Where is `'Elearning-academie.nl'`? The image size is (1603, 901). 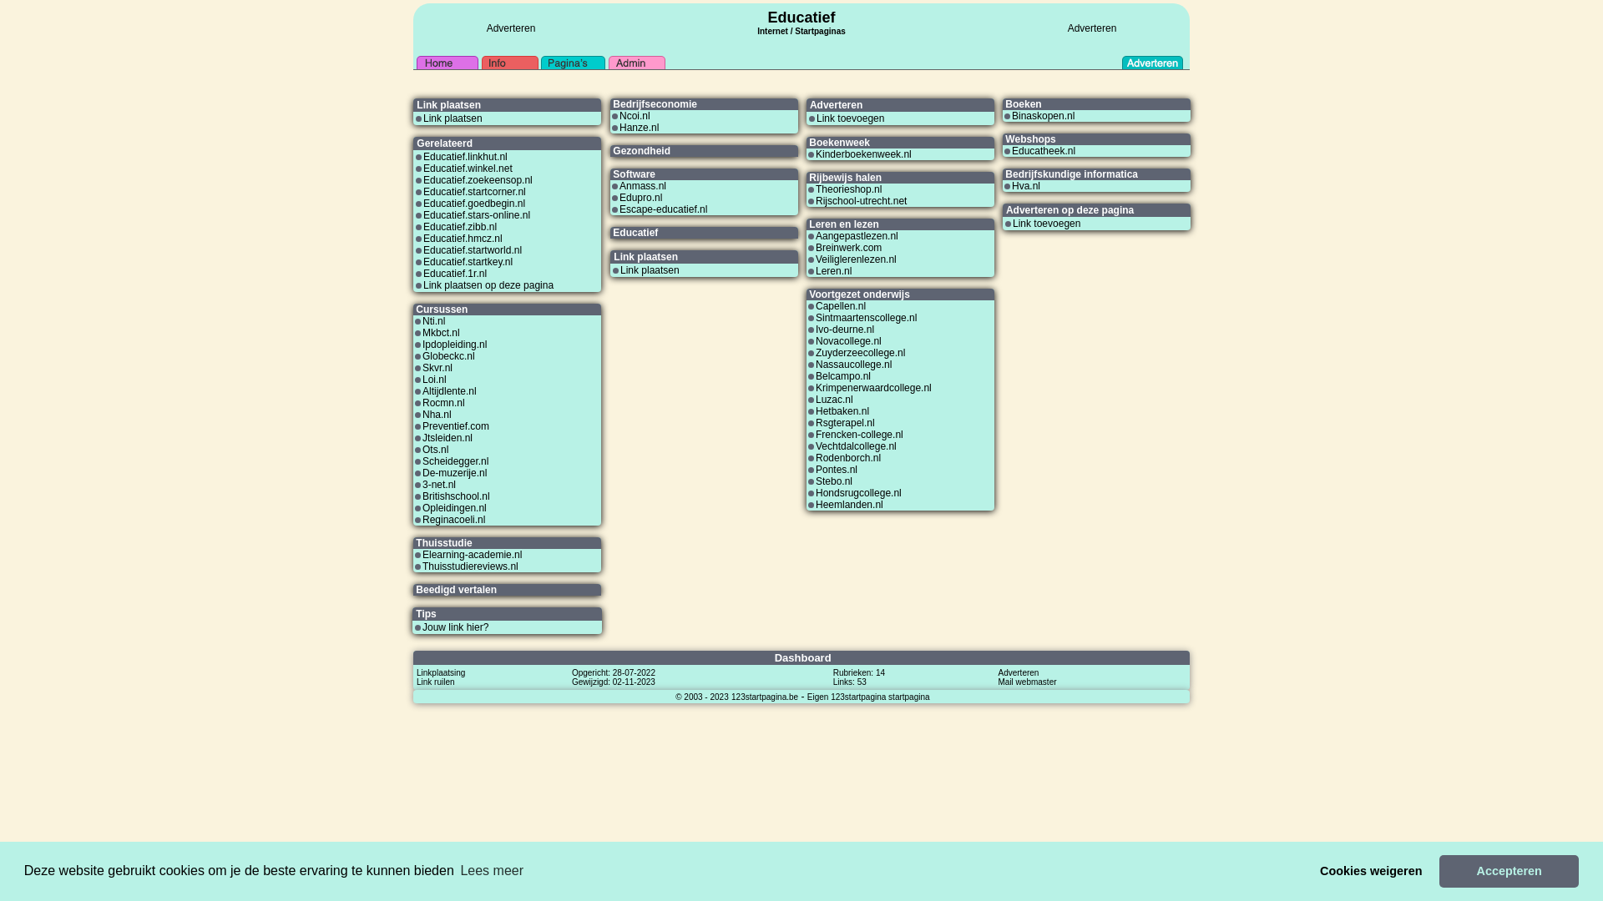 'Elearning-academie.nl' is located at coordinates (471, 554).